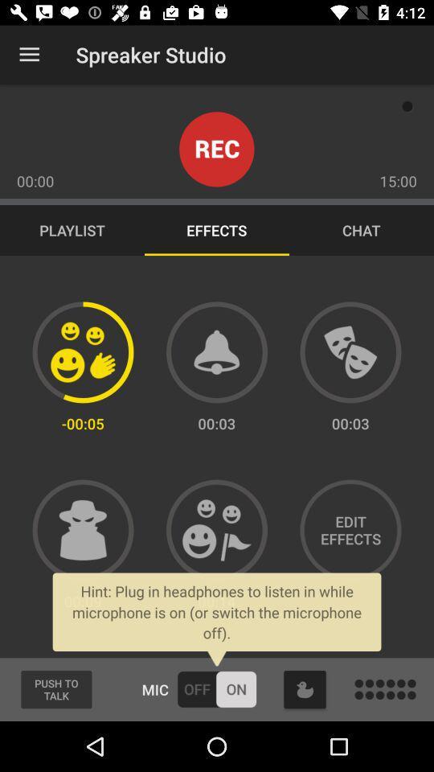 This screenshot has height=772, width=434. I want to click on go incognito, so click(83, 529).